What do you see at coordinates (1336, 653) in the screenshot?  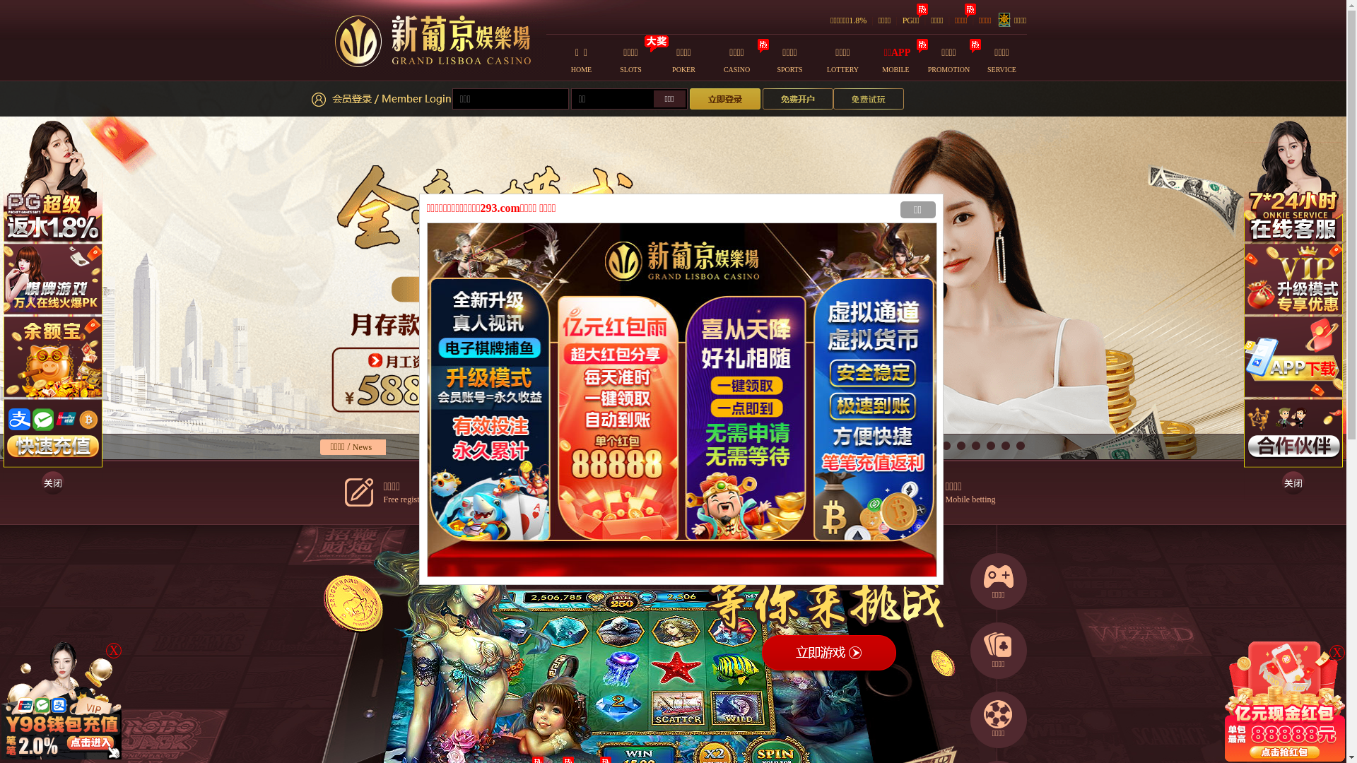 I see `'X'` at bounding box center [1336, 653].